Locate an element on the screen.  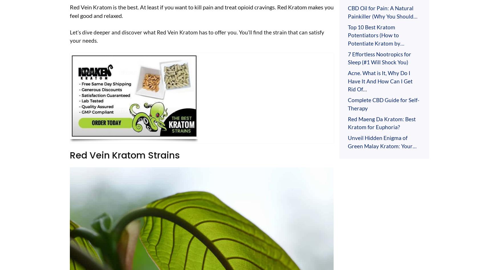
'Red Maeng Da Kratom: Best Kratom for Euphoria?' is located at coordinates (382, 123).